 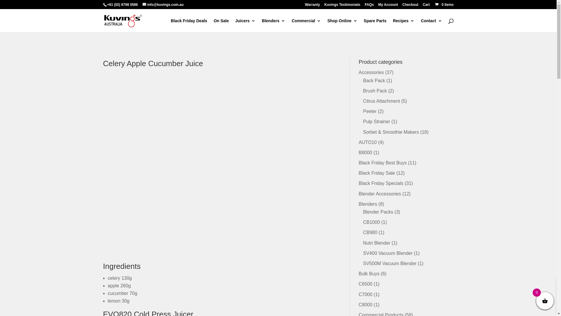 I want to click on 'Citrus Attachment', so click(x=363, y=101).